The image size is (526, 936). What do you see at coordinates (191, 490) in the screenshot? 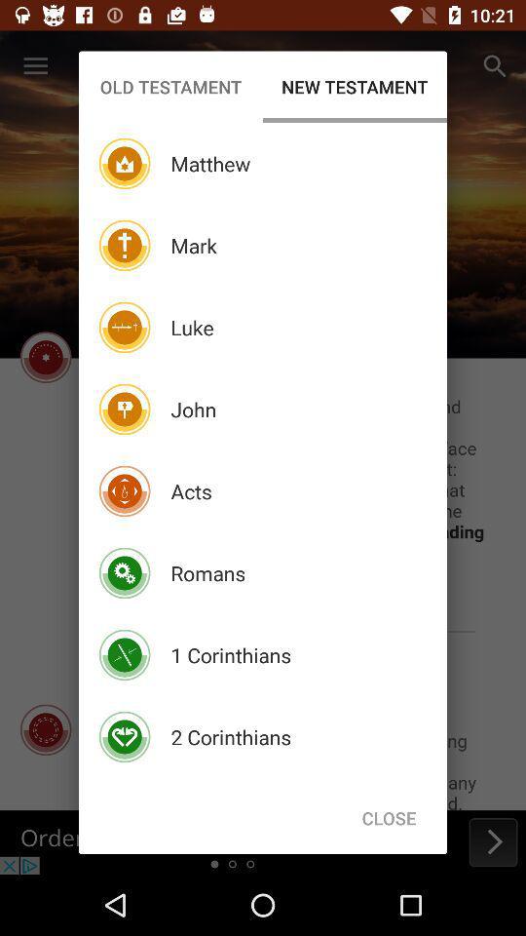
I see `the icon above romans icon` at bounding box center [191, 490].